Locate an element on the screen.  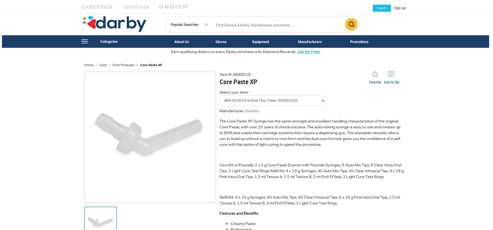
'Join for Free!' is located at coordinates (308, 51).